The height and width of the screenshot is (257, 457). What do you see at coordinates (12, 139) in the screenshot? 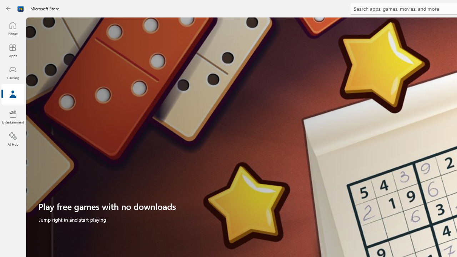
I see `'AI Hub'` at bounding box center [12, 139].